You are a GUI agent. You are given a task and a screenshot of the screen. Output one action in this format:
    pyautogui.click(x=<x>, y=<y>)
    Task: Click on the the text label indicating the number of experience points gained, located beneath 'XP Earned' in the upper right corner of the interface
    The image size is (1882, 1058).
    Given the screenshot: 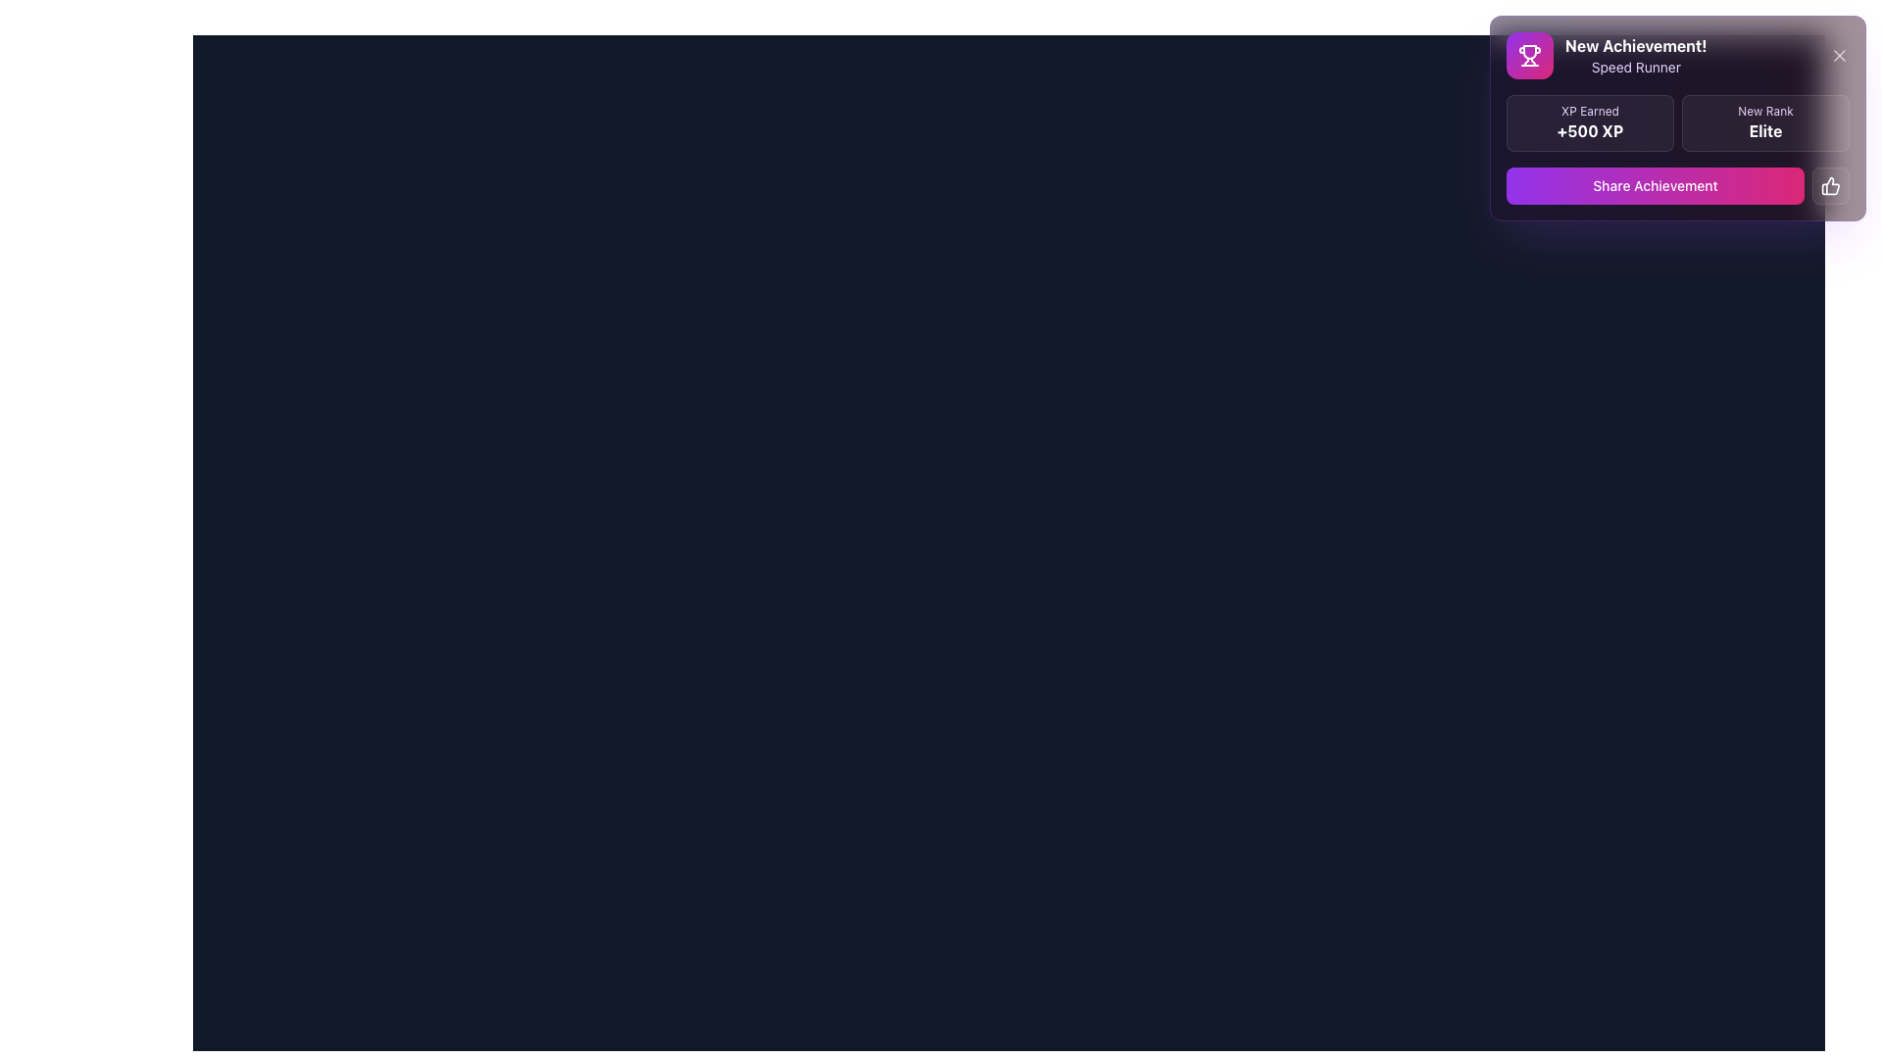 What is the action you would take?
    pyautogui.click(x=1590, y=131)
    